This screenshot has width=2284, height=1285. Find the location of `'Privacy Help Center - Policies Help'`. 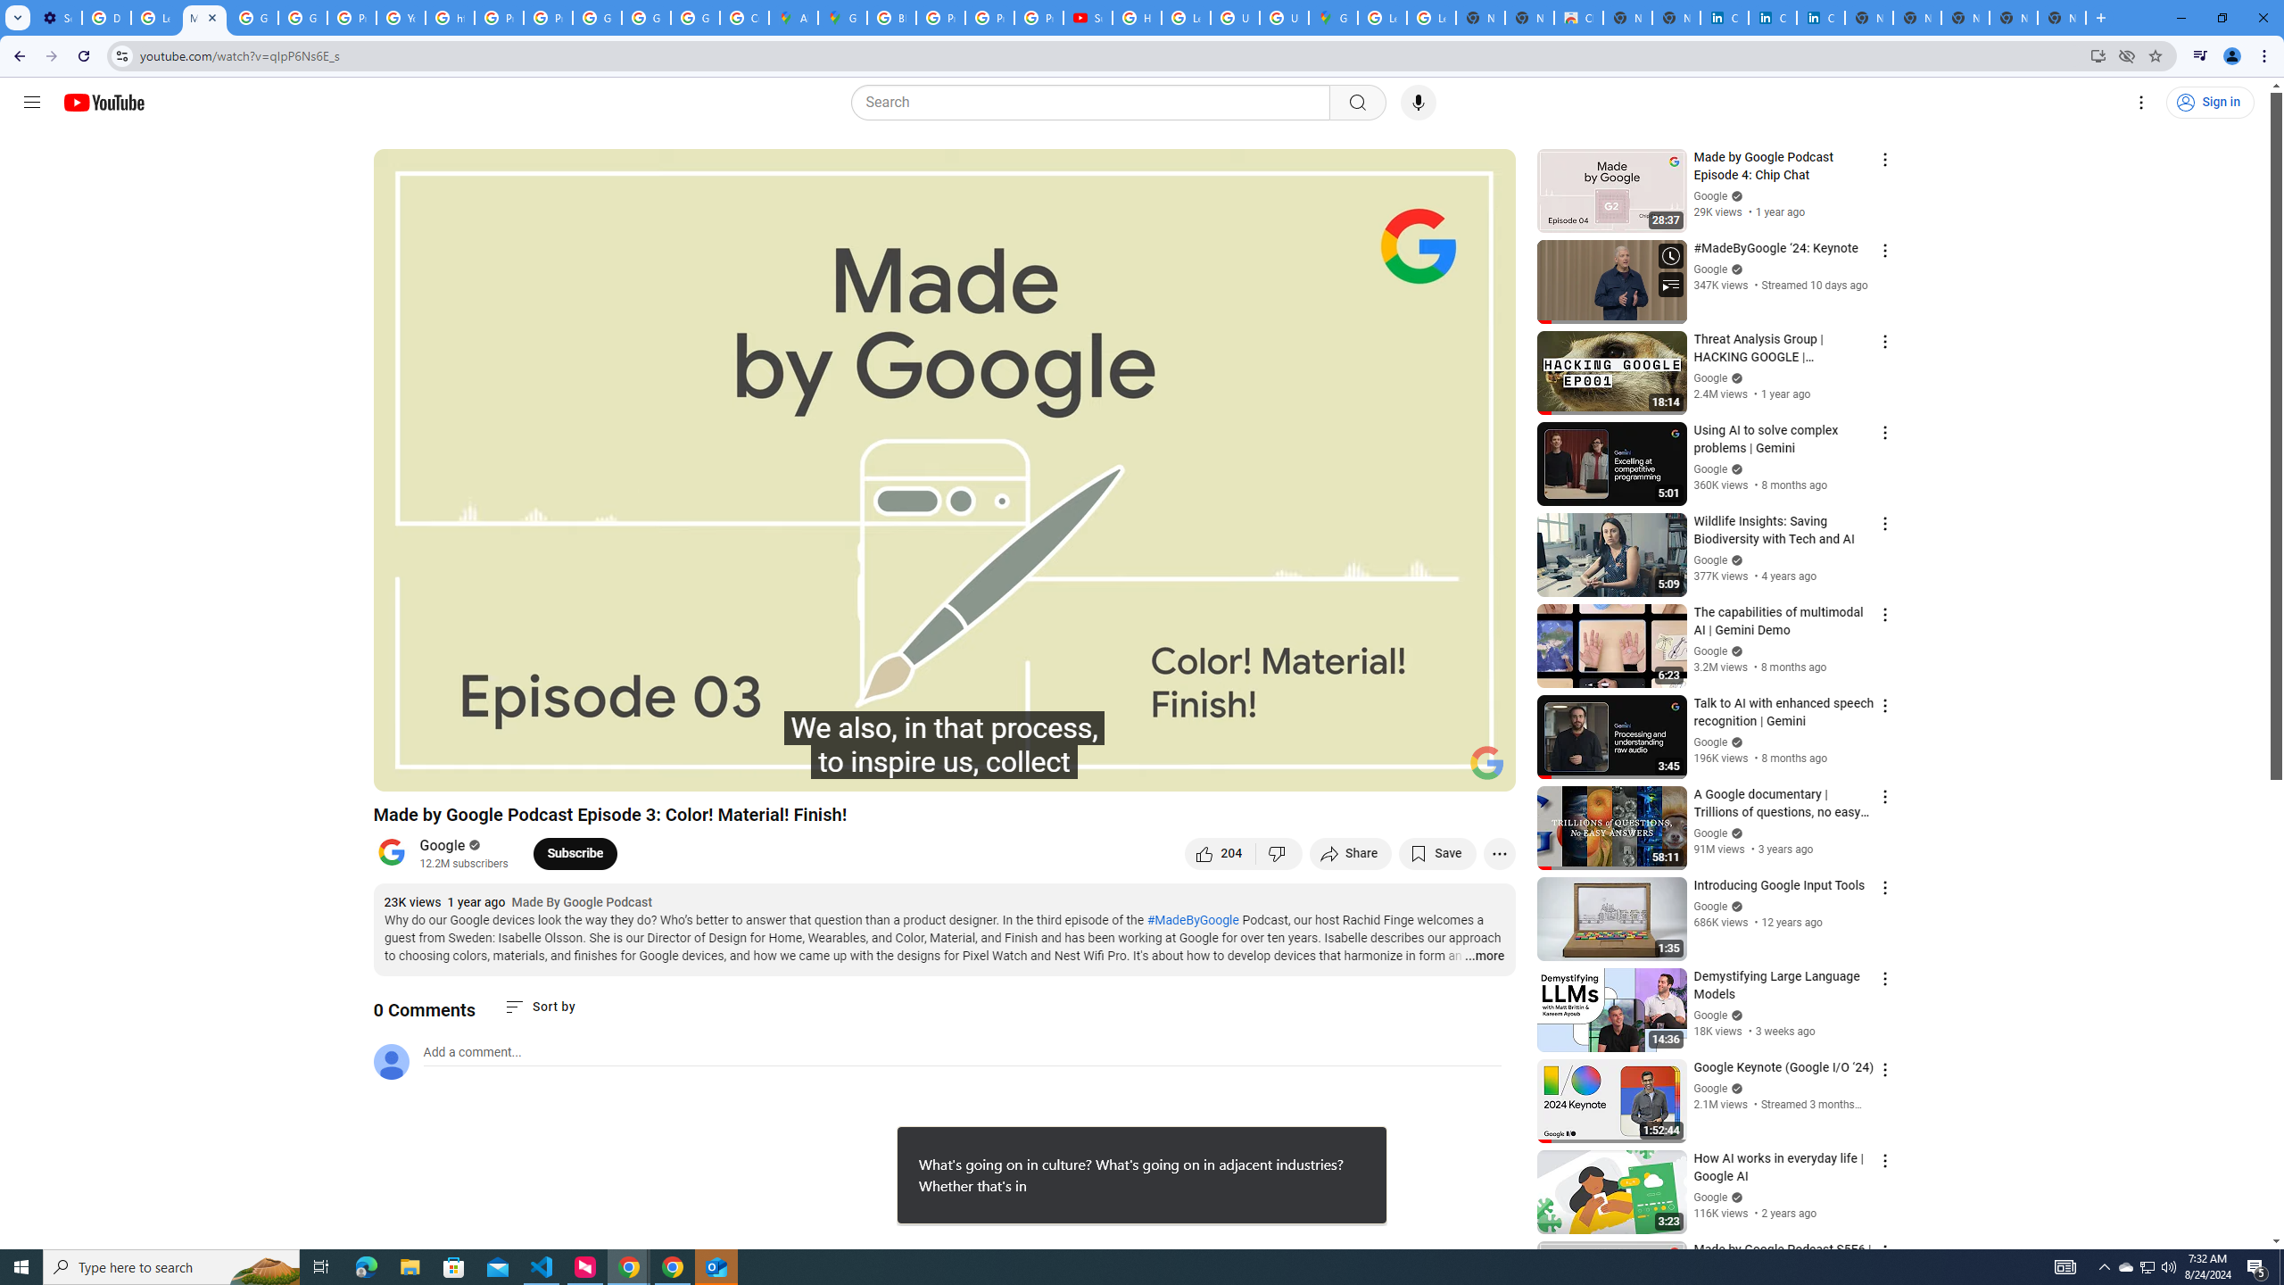

'Privacy Help Center - Policies Help' is located at coordinates (989, 17).